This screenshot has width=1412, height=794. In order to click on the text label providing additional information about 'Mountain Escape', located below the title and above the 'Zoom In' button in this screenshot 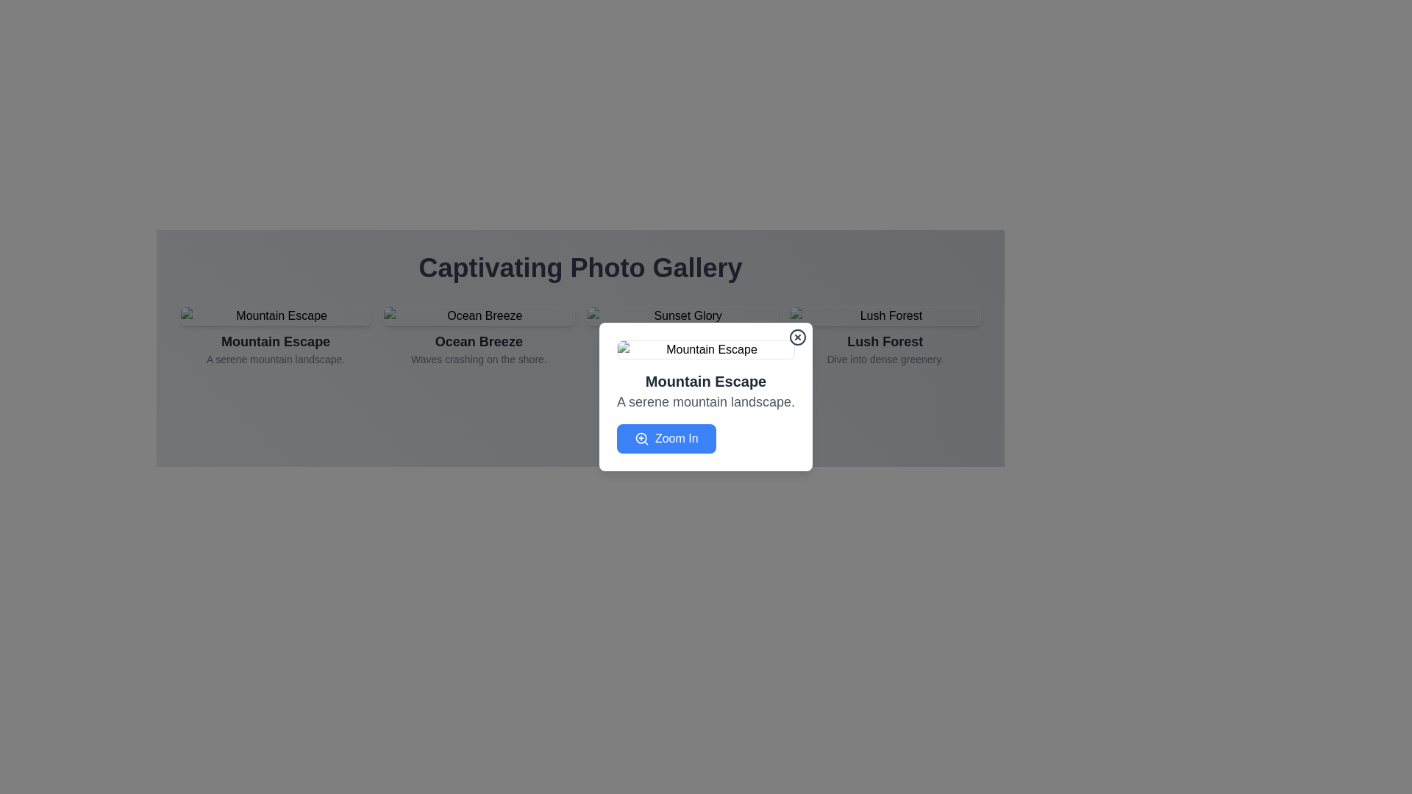, I will do `click(706, 402)`.